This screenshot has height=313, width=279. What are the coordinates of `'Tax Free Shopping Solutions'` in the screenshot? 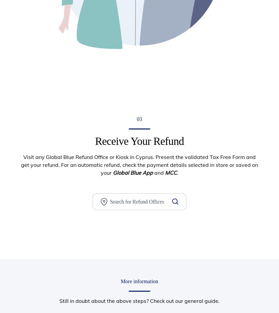 It's located at (160, 137).